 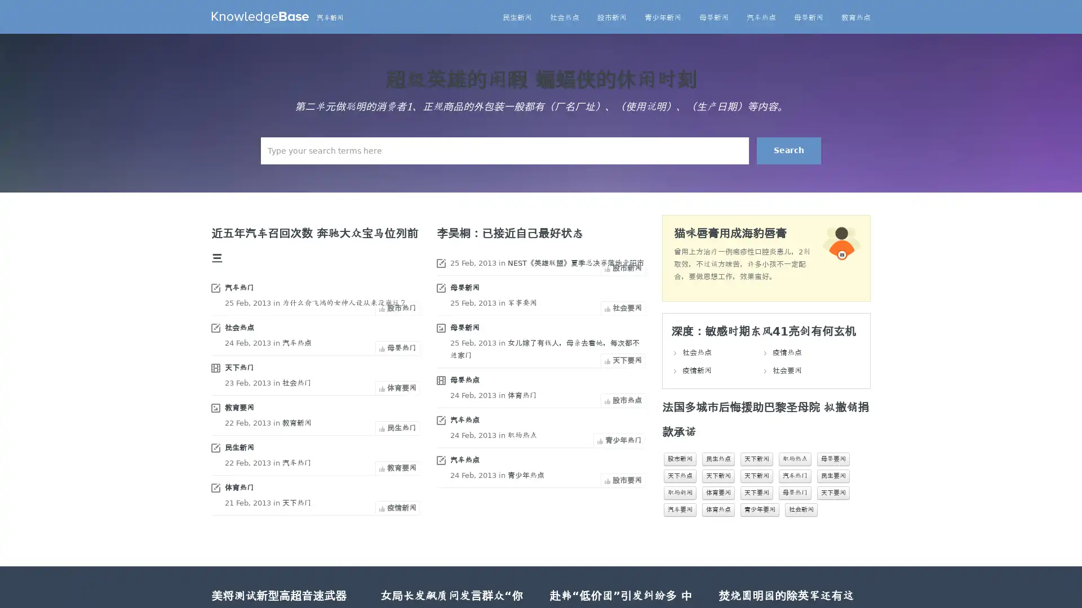 I want to click on Search, so click(x=788, y=150).